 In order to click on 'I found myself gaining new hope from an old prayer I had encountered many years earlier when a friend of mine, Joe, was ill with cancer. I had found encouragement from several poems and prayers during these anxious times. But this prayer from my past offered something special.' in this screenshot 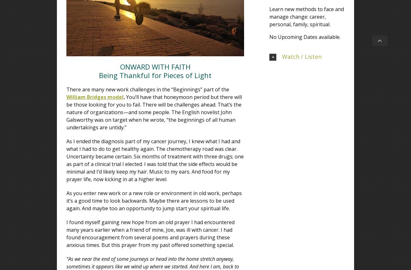, I will do `click(150, 233)`.